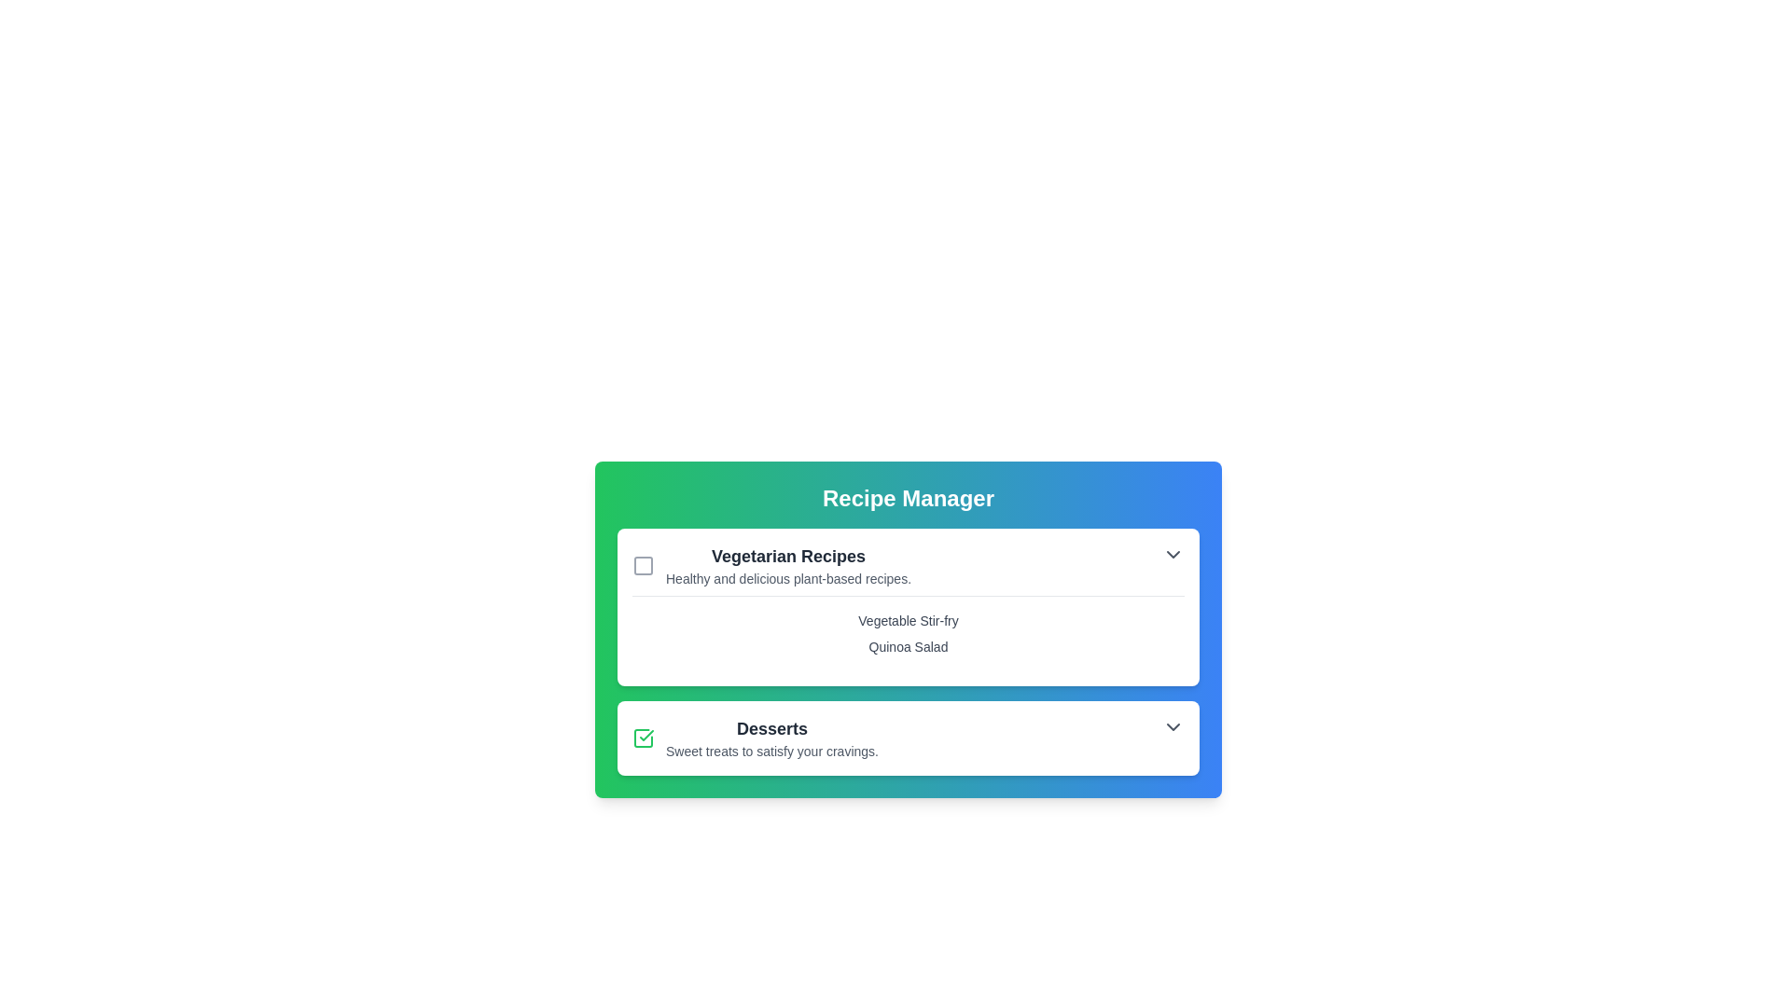  Describe the element at coordinates (644, 737) in the screenshot. I see `the green checkbox indicating a selected state for 'Desserts'` at that location.